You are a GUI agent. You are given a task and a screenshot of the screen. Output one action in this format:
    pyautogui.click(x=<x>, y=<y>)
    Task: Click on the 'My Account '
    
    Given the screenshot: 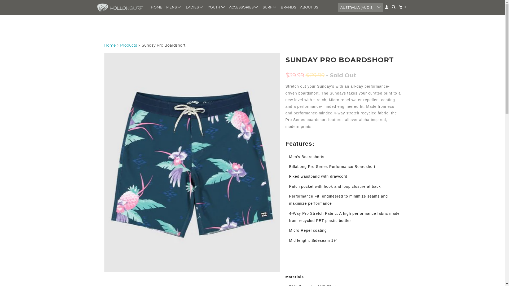 What is the action you would take?
    pyautogui.click(x=387, y=7)
    